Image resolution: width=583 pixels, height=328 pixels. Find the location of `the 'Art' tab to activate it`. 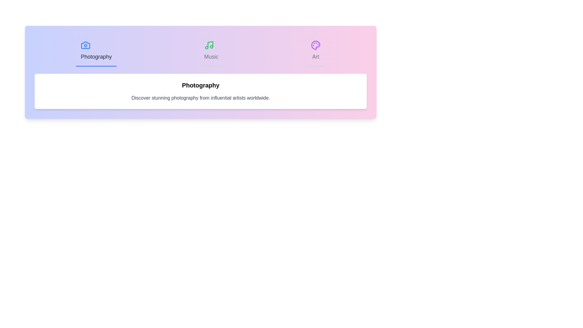

the 'Art' tab to activate it is located at coordinates (315, 51).